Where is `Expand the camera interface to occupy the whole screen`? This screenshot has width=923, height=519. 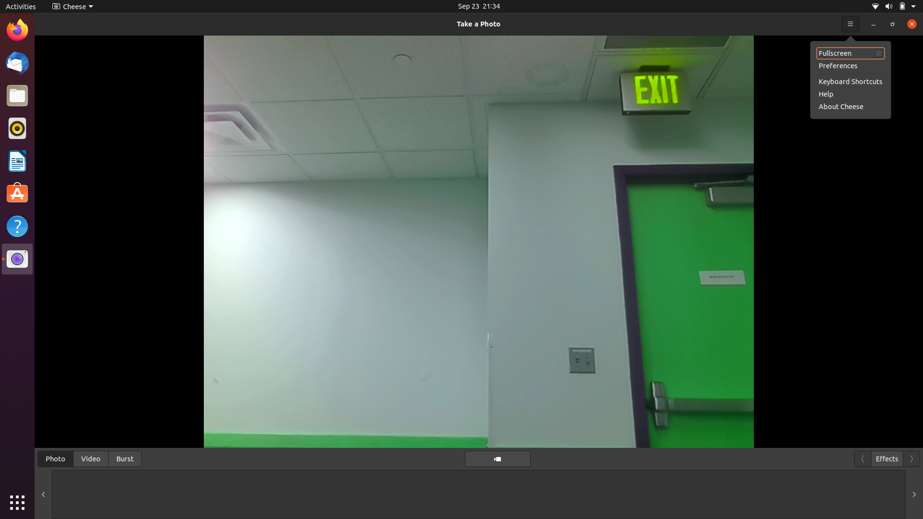 Expand the camera interface to occupy the whole screen is located at coordinates (850, 23).